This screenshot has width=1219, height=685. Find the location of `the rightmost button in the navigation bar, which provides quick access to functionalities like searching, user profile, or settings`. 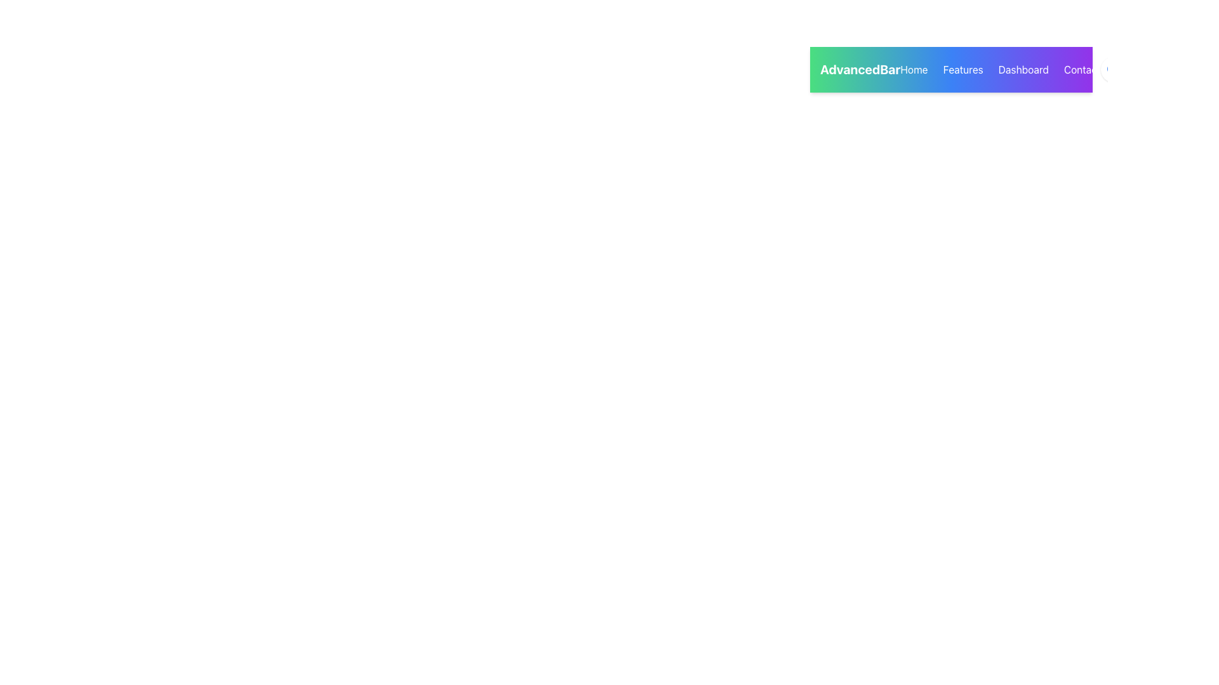

the rightmost button in the navigation bar, which provides quick access to functionalities like searching, user profile, or settings is located at coordinates (1149, 70).